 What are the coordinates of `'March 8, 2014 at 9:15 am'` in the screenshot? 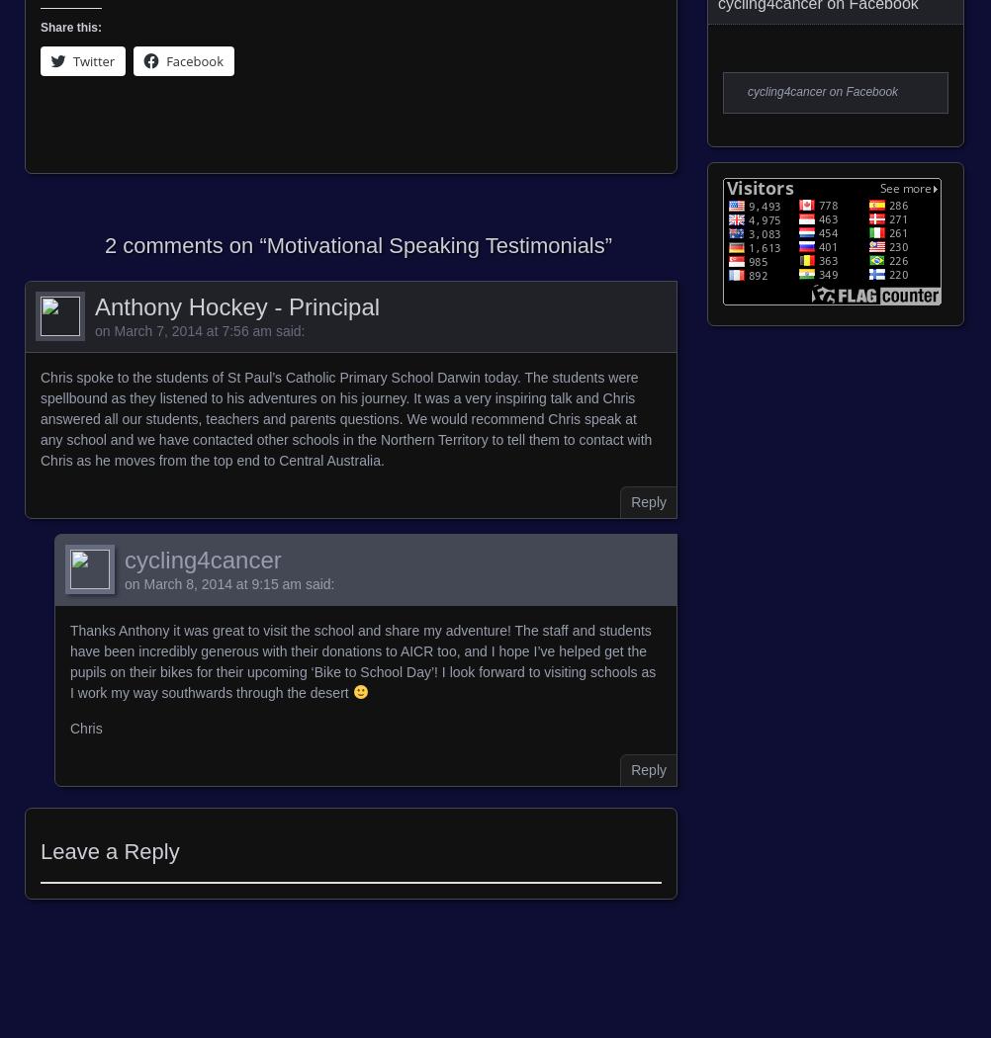 It's located at (223, 581).